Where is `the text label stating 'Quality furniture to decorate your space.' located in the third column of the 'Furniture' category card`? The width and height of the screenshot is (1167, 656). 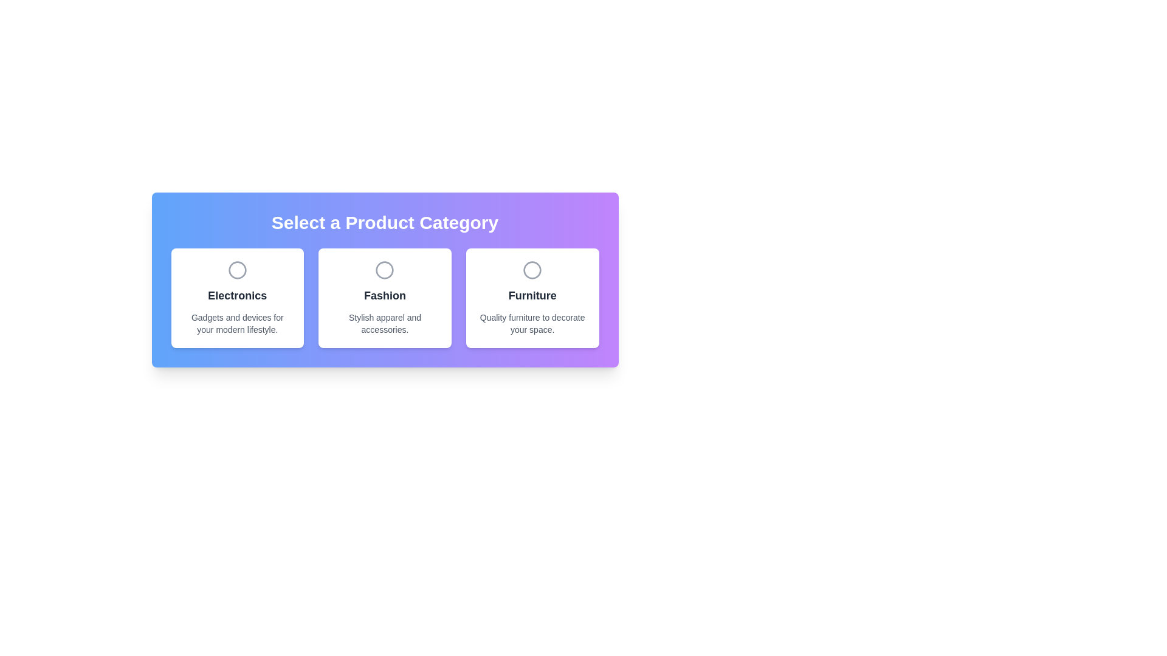 the text label stating 'Quality furniture to decorate your space.' located in the third column of the 'Furniture' category card is located at coordinates (532, 323).